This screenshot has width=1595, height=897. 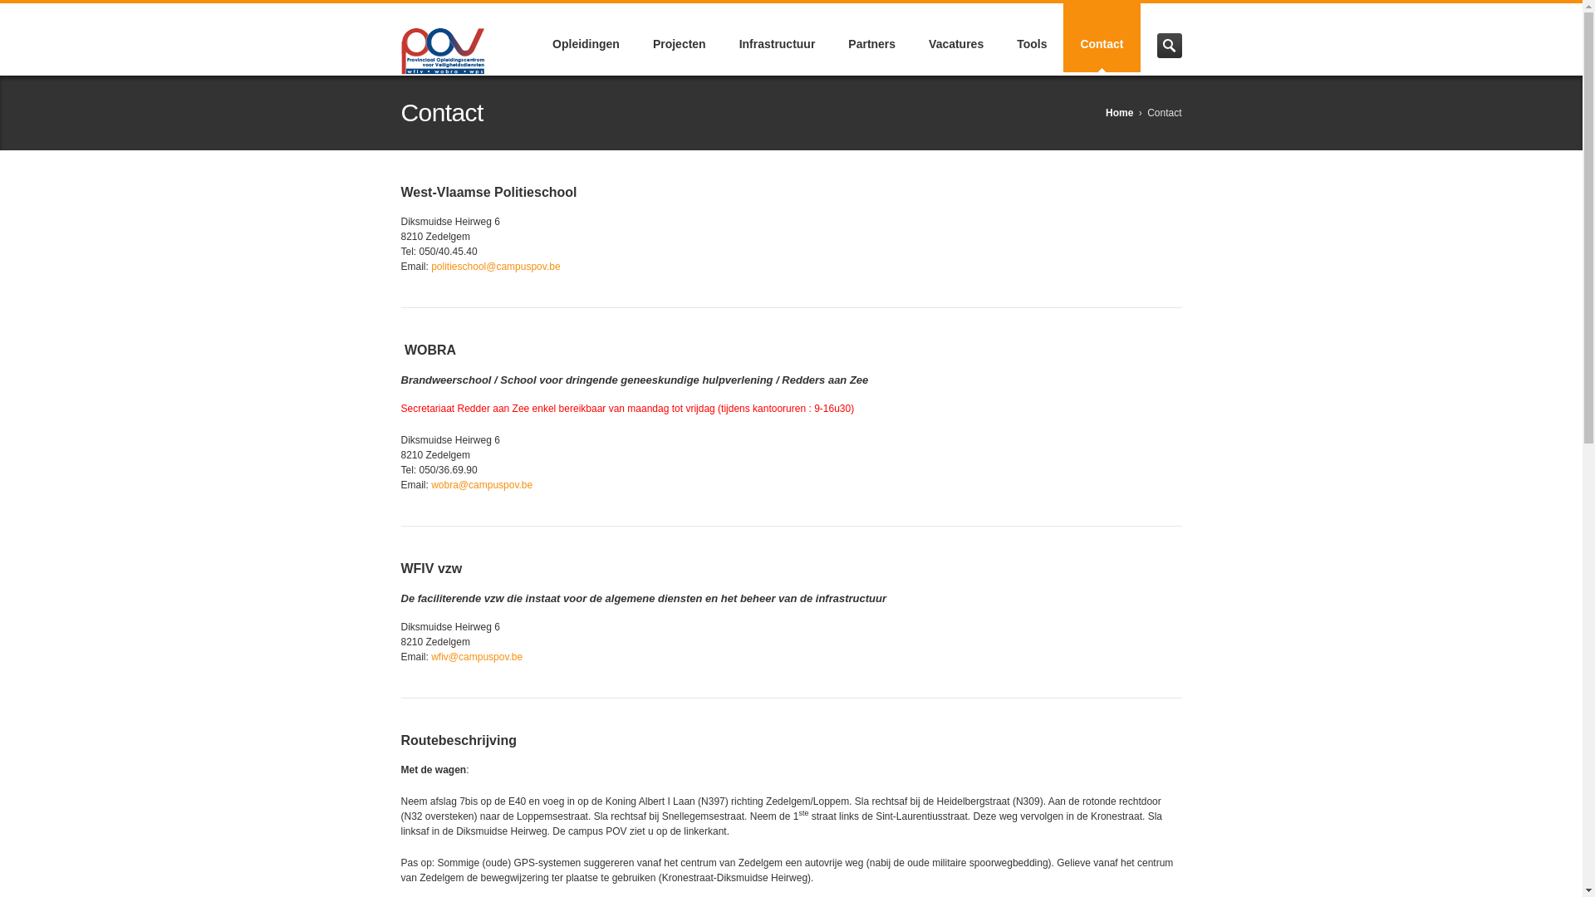 I want to click on 'politieschool@campuspov.be', so click(x=494, y=265).